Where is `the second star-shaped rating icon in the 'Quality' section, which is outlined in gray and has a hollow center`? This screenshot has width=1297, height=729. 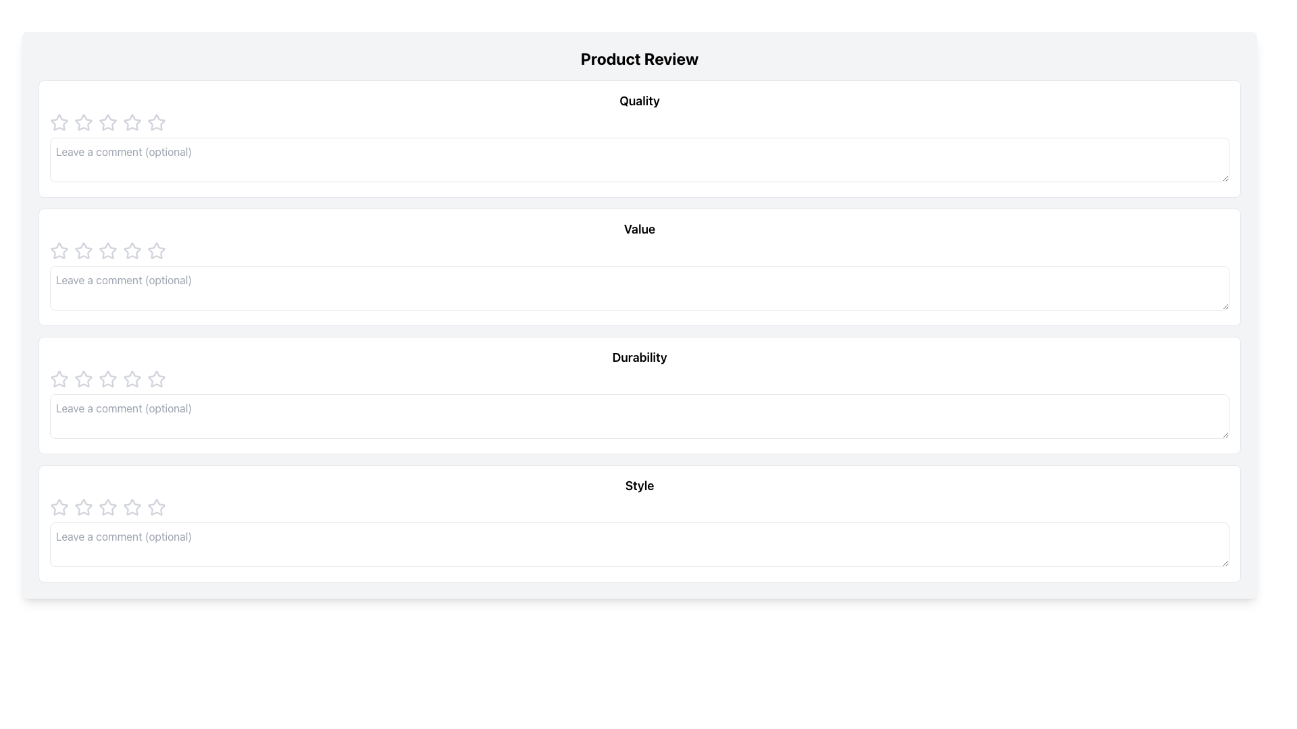
the second star-shaped rating icon in the 'Quality' section, which is outlined in gray and has a hollow center is located at coordinates (83, 122).